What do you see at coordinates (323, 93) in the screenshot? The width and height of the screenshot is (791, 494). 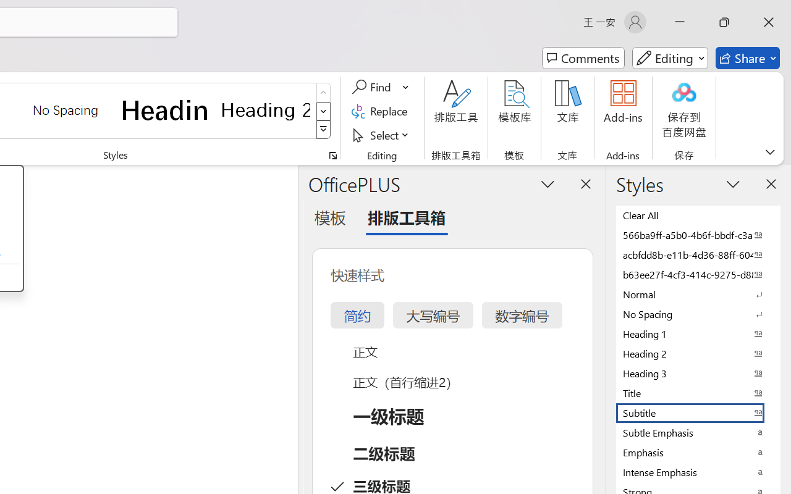 I see `'Row up'` at bounding box center [323, 93].